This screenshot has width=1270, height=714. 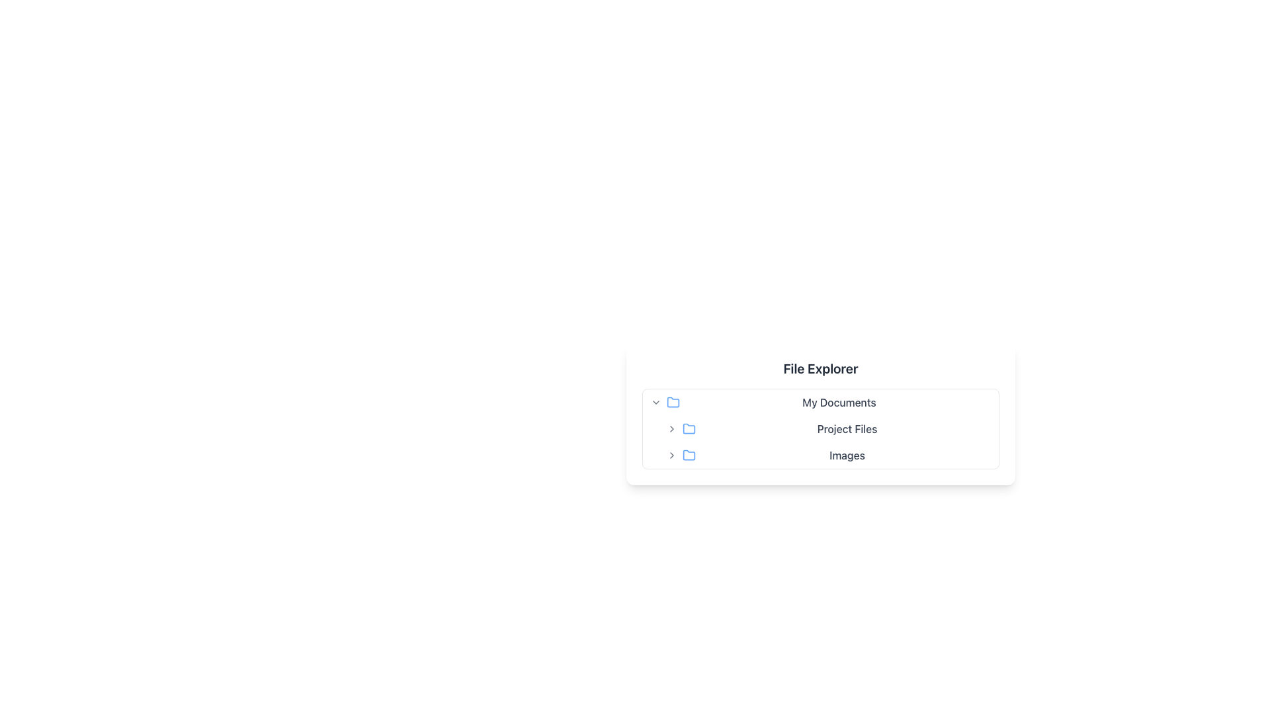 What do you see at coordinates (673, 401) in the screenshot?
I see `the 'My Documents' folder icon, which is the visual indicator representing the folder in the file explorer, to associate it with its folder label` at bounding box center [673, 401].